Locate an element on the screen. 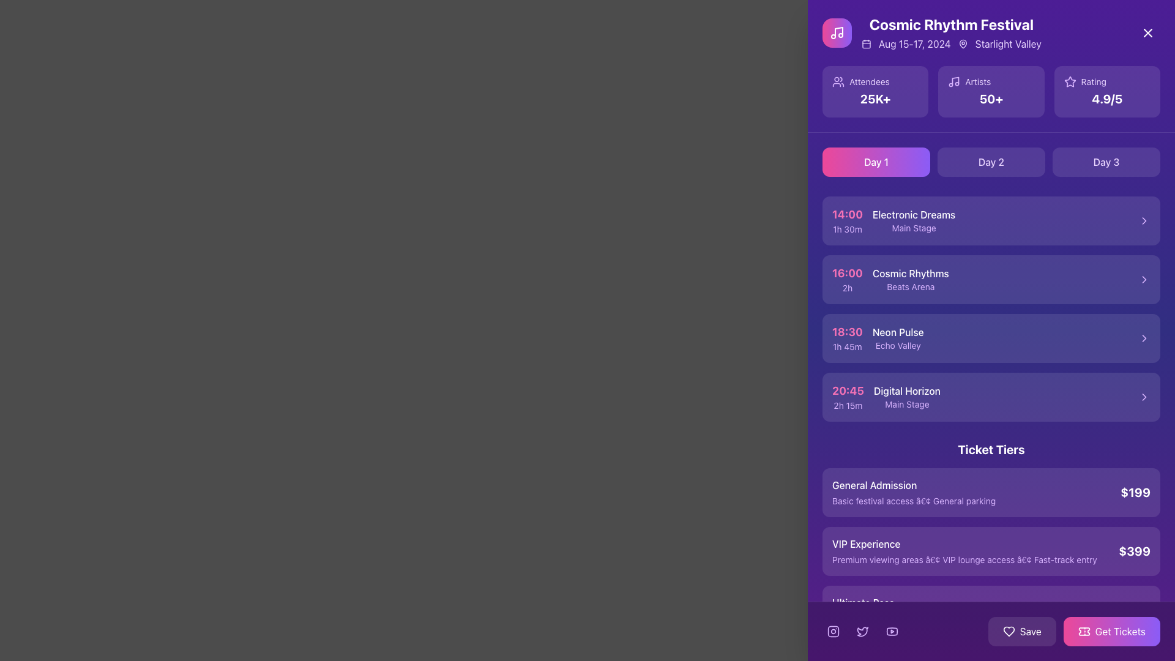 The width and height of the screenshot is (1175, 661). the 'VIP Experience' ticket tier price label, which displays the cost of $199, positioned to the far-right within its section is located at coordinates (1134, 551).